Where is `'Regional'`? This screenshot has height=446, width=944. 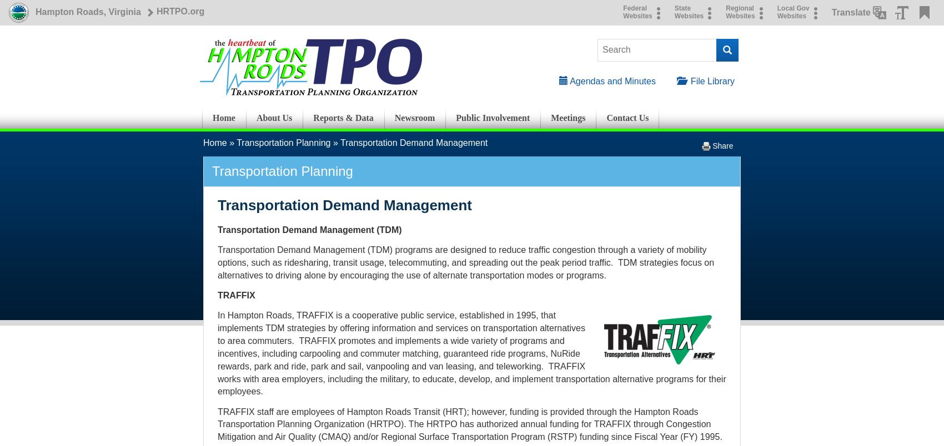 'Regional' is located at coordinates (739, 8).